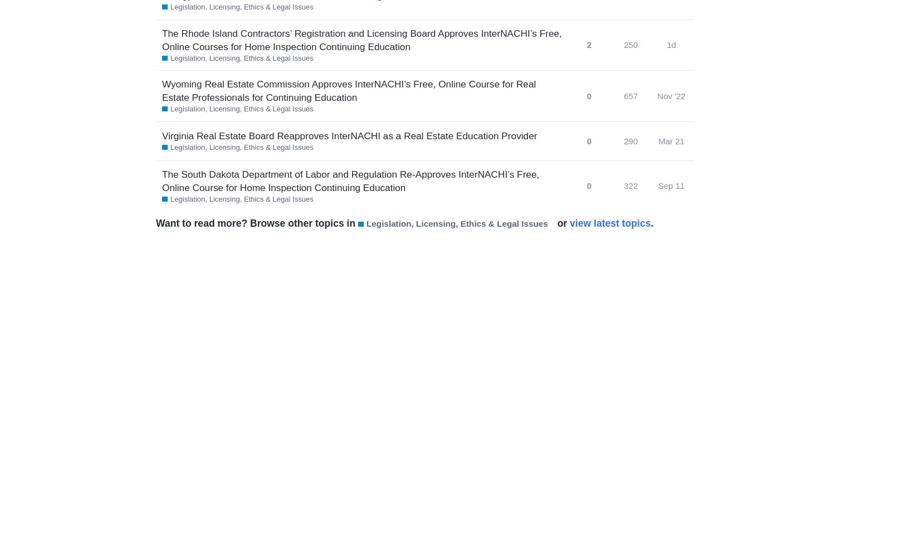 The height and width of the screenshot is (557, 919). Describe the element at coordinates (350, 180) in the screenshot. I see `'The South Dakota Department of Labor and Regulation Re-Approves InterNACHI’s Free, Online Course for Home Inspection Continuing Education'` at that location.